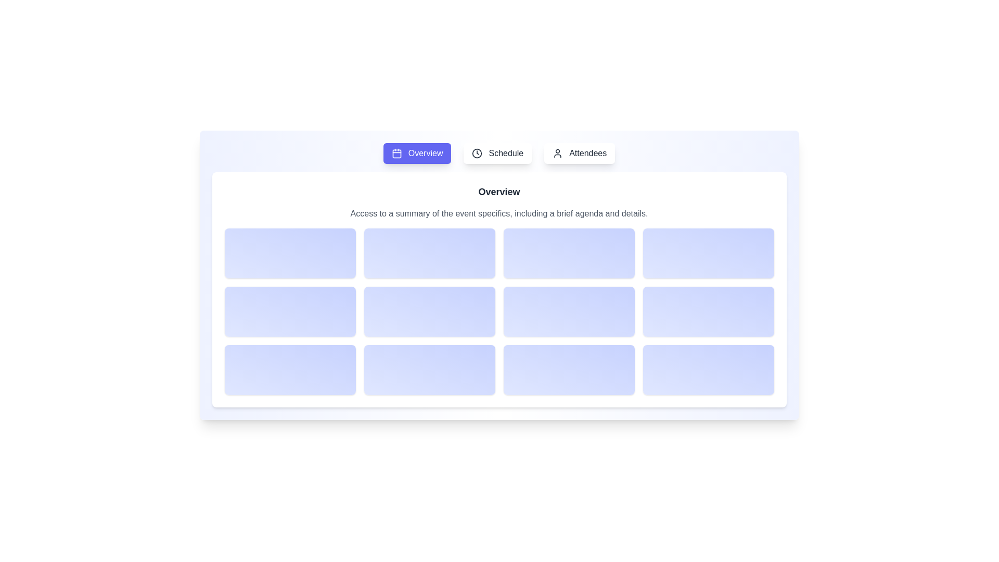  Describe the element at coordinates (417, 153) in the screenshot. I see `the Overview button to observe the visual effect` at that location.